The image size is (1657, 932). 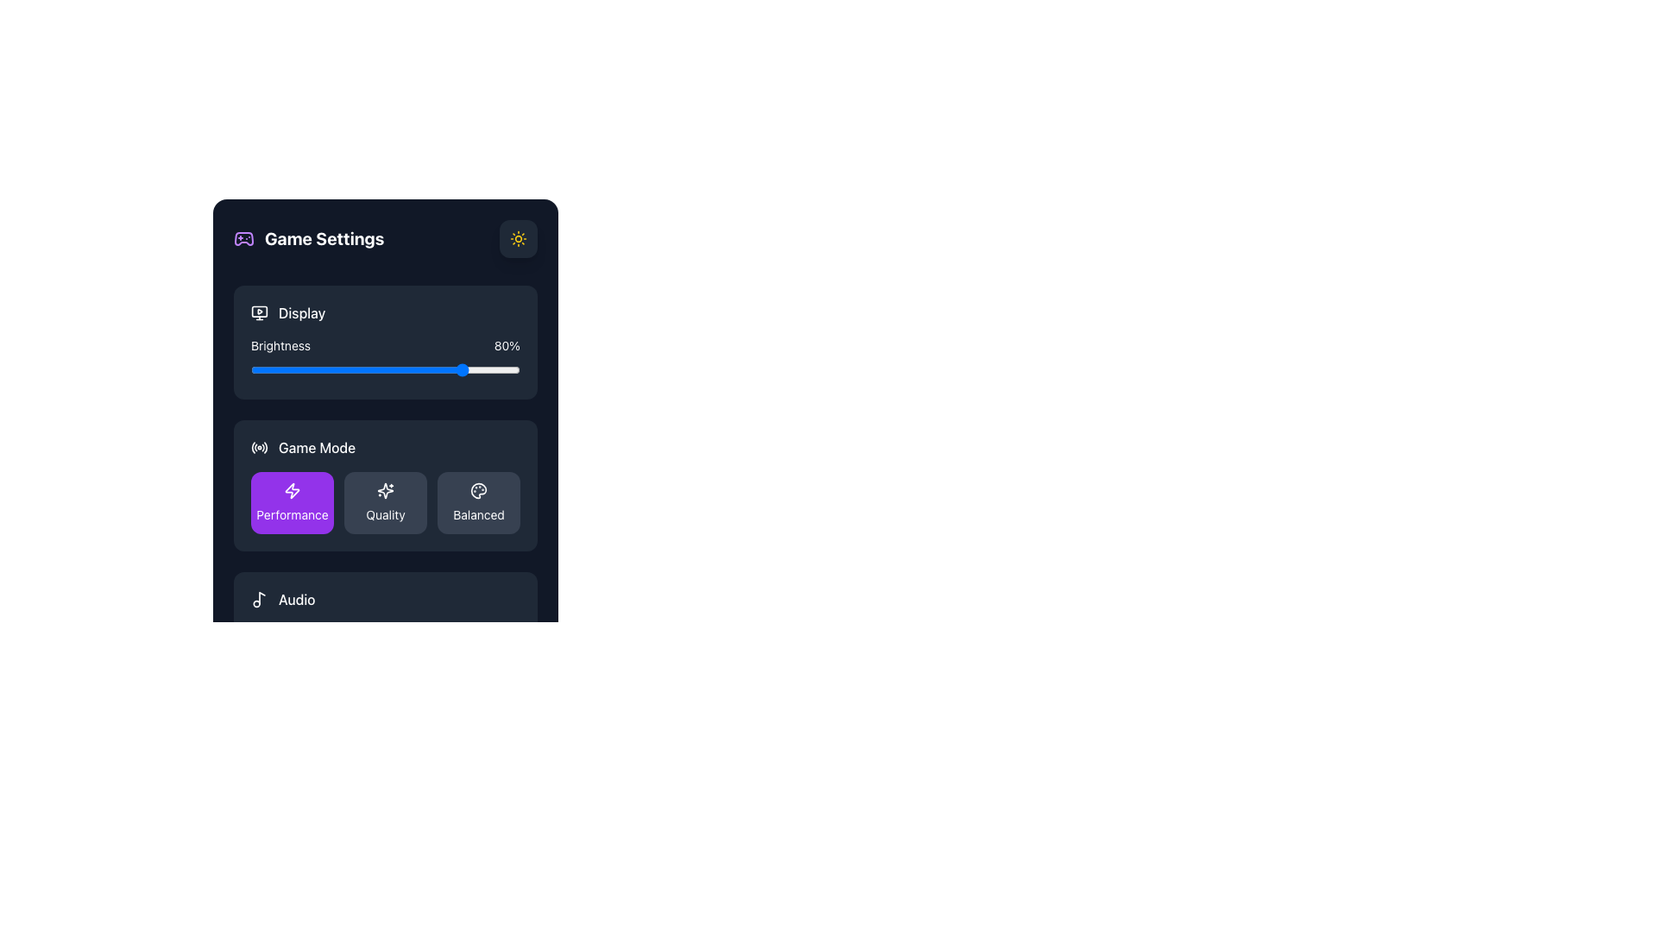 What do you see at coordinates (293, 491) in the screenshot?
I see `the lightning bolt icon within the 'Performance' button` at bounding box center [293, 491].